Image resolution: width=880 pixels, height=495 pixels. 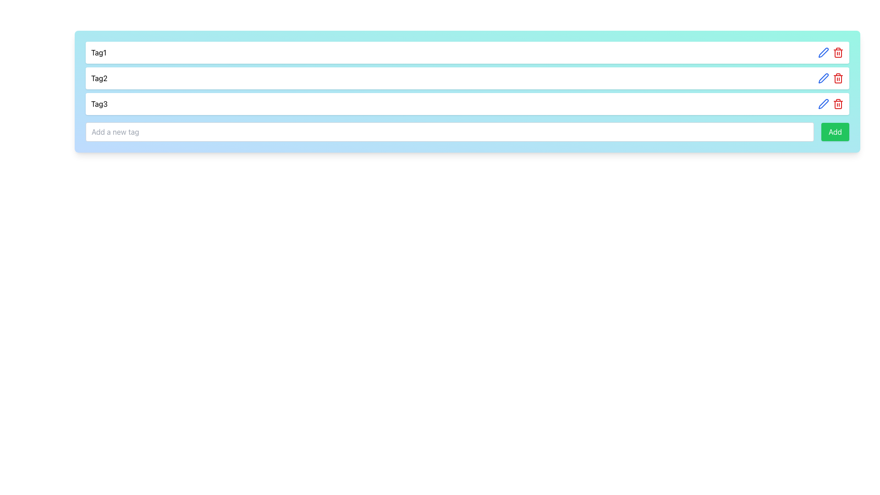 I want to click on the text label reading 'Tag2', which is the second label in a vertically-aligned list of tags, positioned below 'Tag1' and above 'Tag3', so click(x=99, y=77).